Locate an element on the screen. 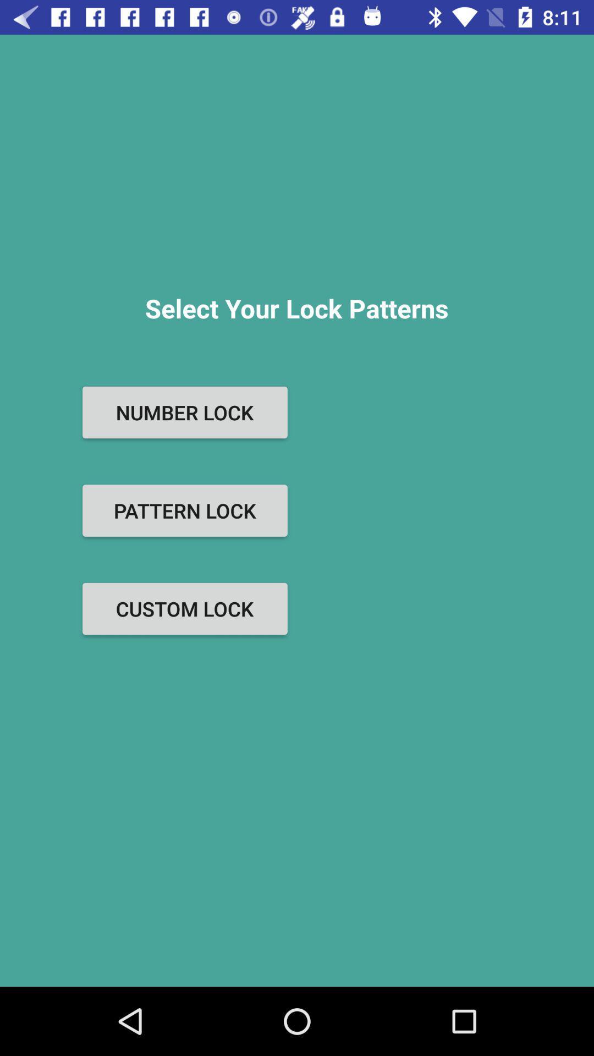  the button below the number lock item is located at coordinates (184, 510).